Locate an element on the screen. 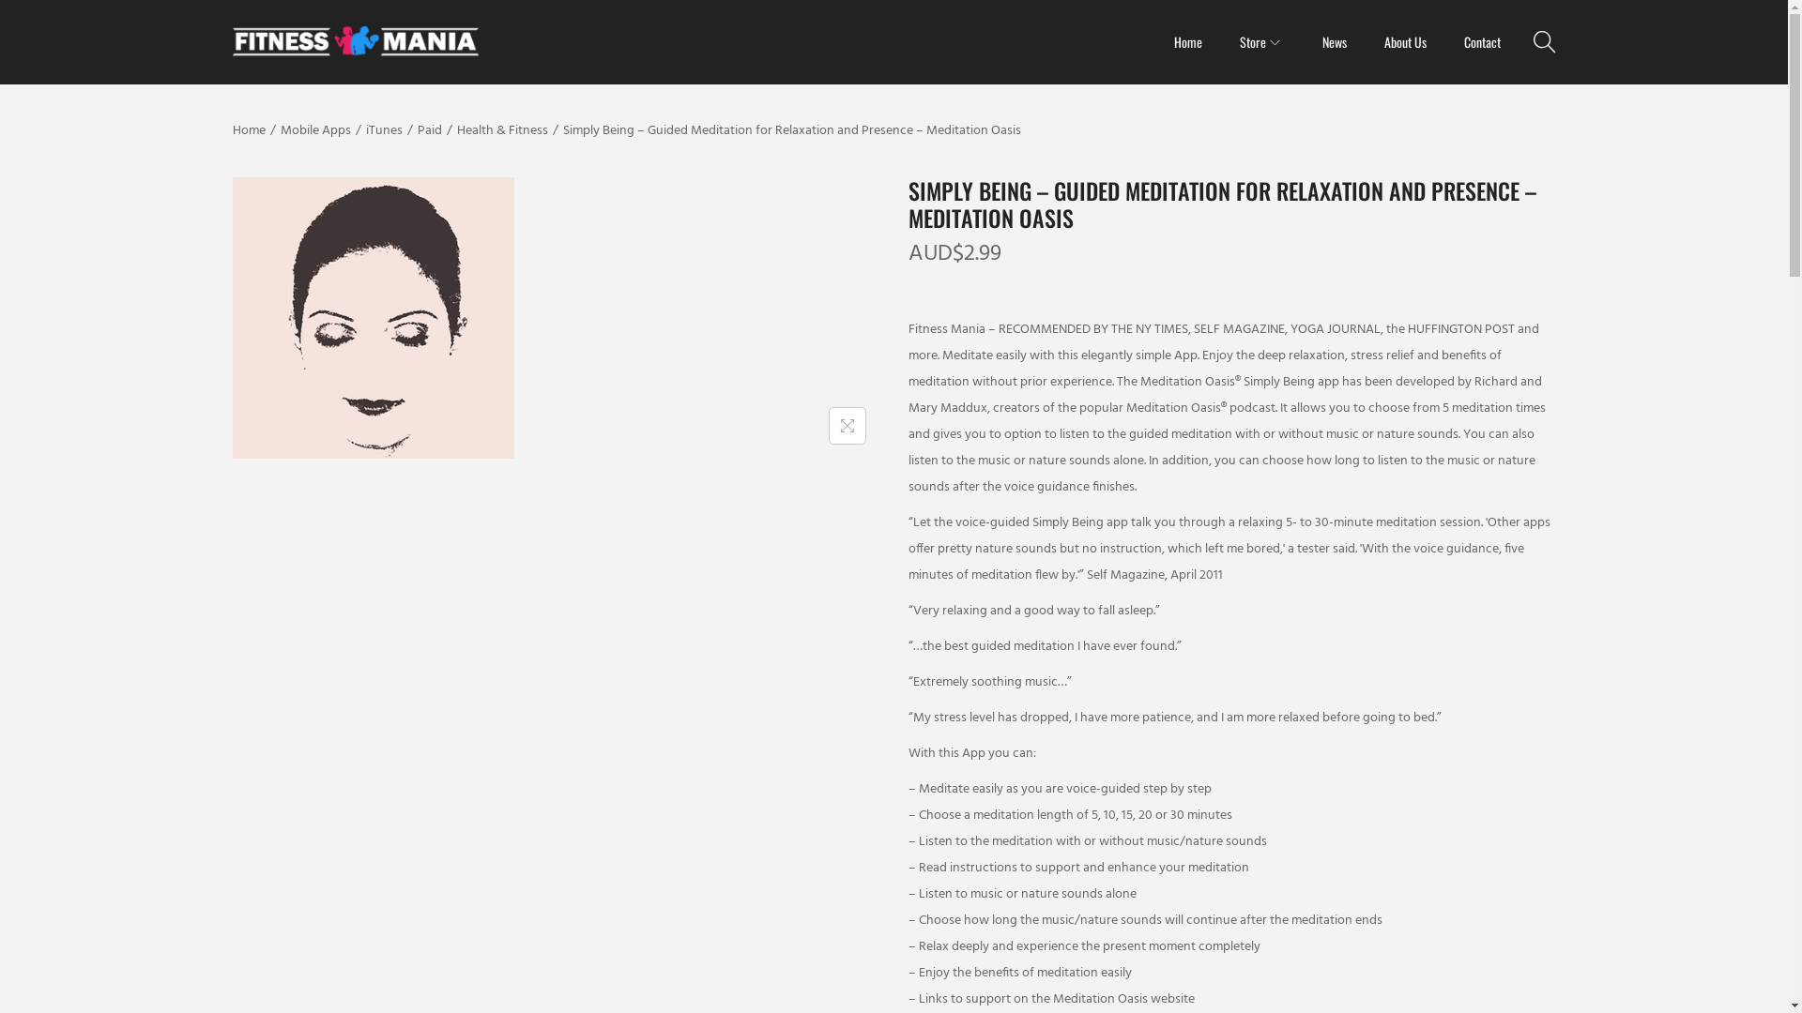  'Health & Fitness' is located at coordinates (455, 129).